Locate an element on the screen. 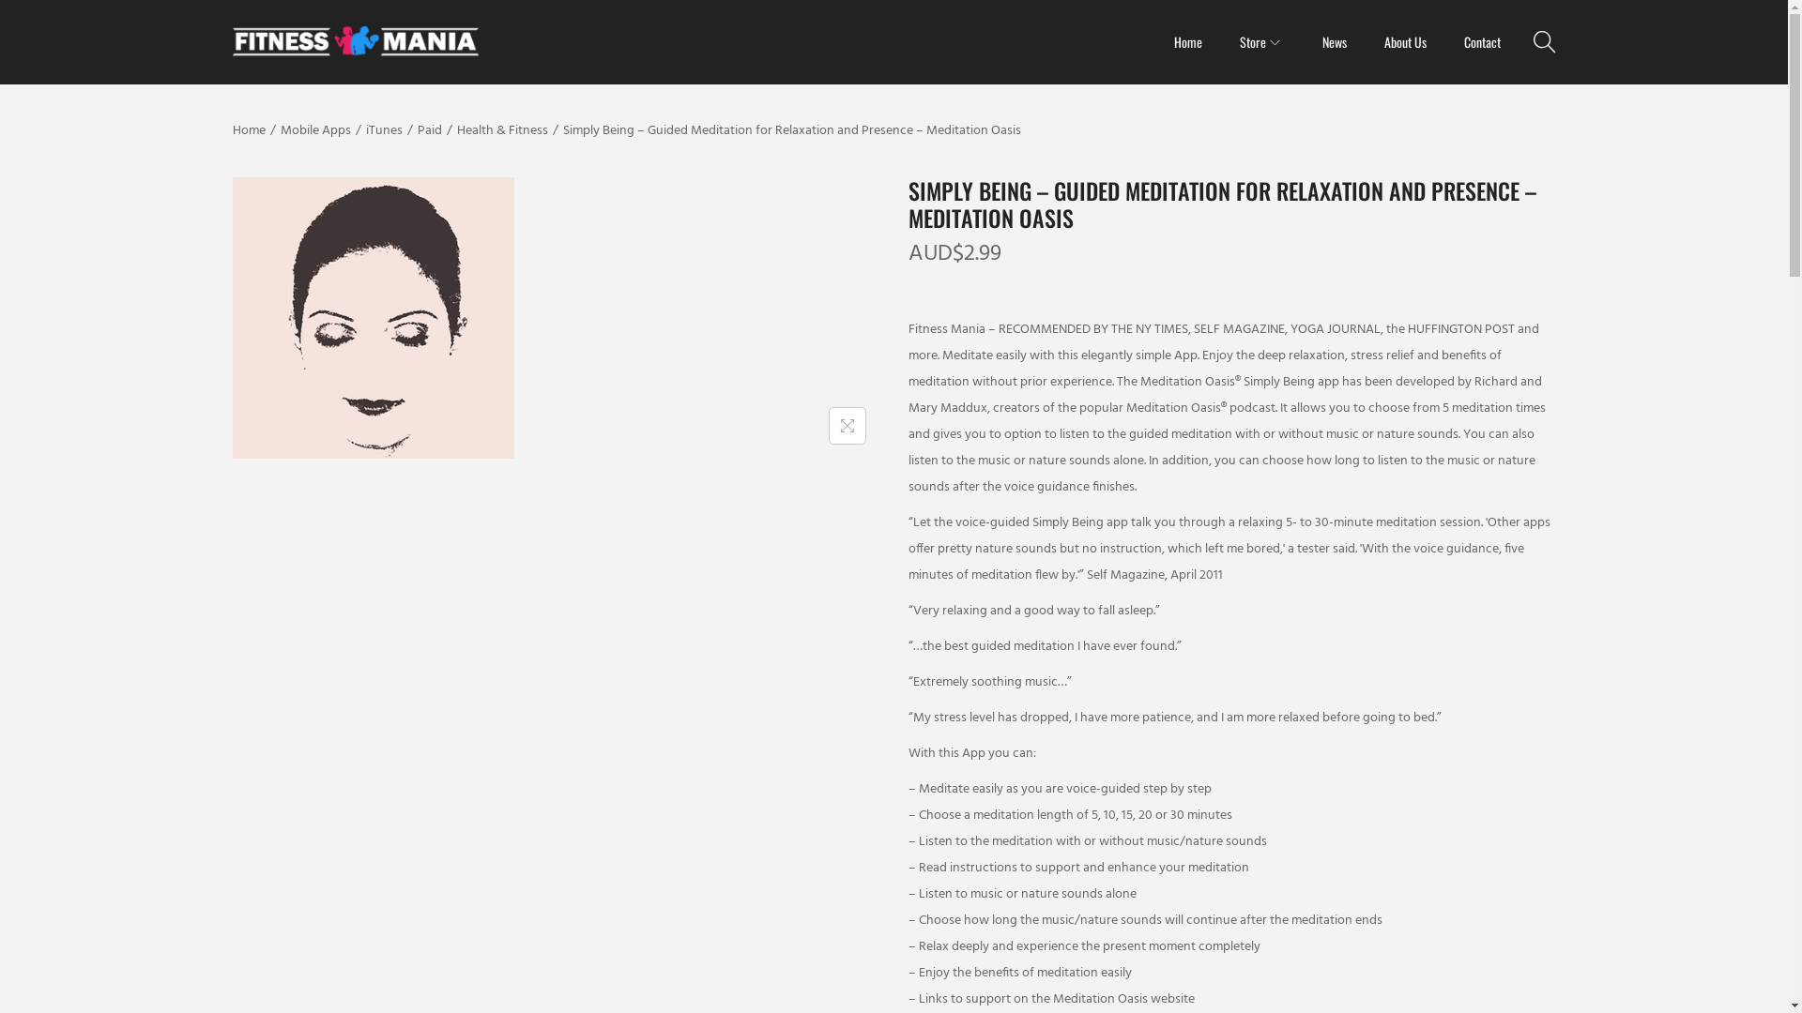  'Health & Fitness' is located at coordinates (455, 129).